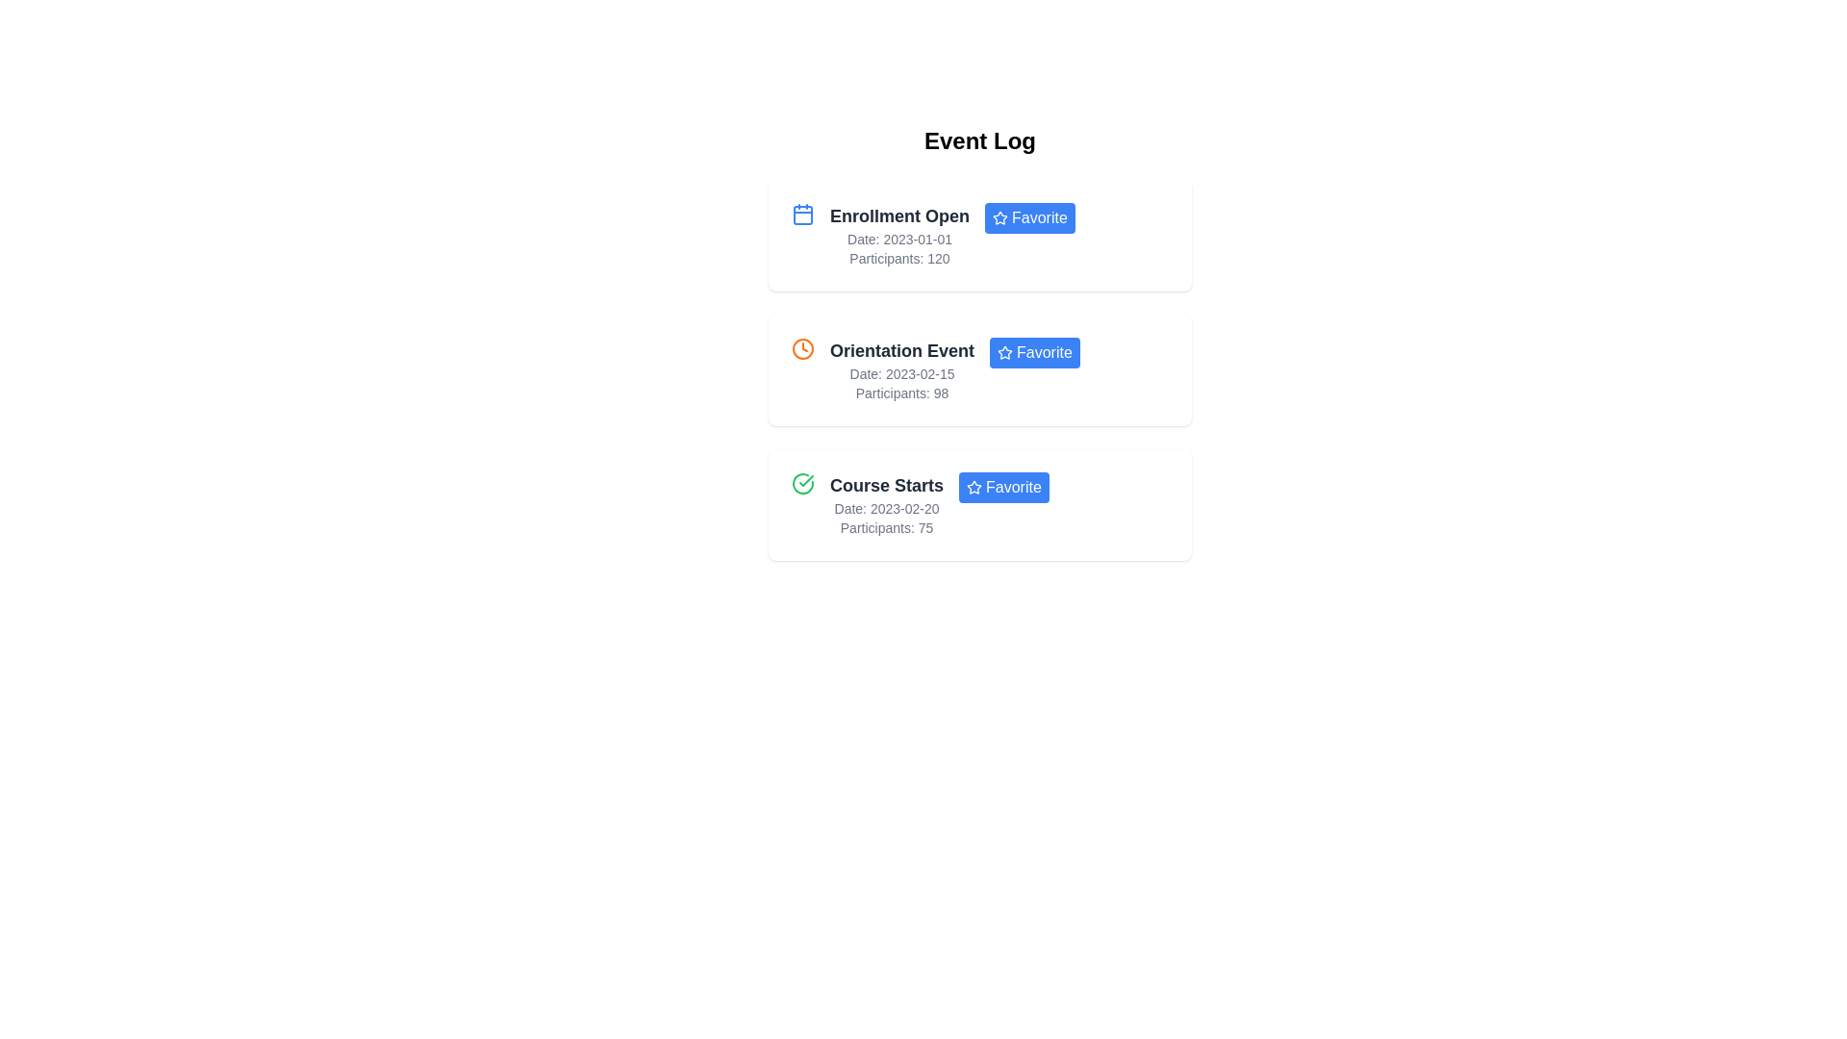 This screenshot has height=1039, width=1847. I want to click on the text label displaying the date 'Date: 2023-02-20', which is located in the third event box, below 'Course Starts' and above 'Participants: 75', so click(885, 507).